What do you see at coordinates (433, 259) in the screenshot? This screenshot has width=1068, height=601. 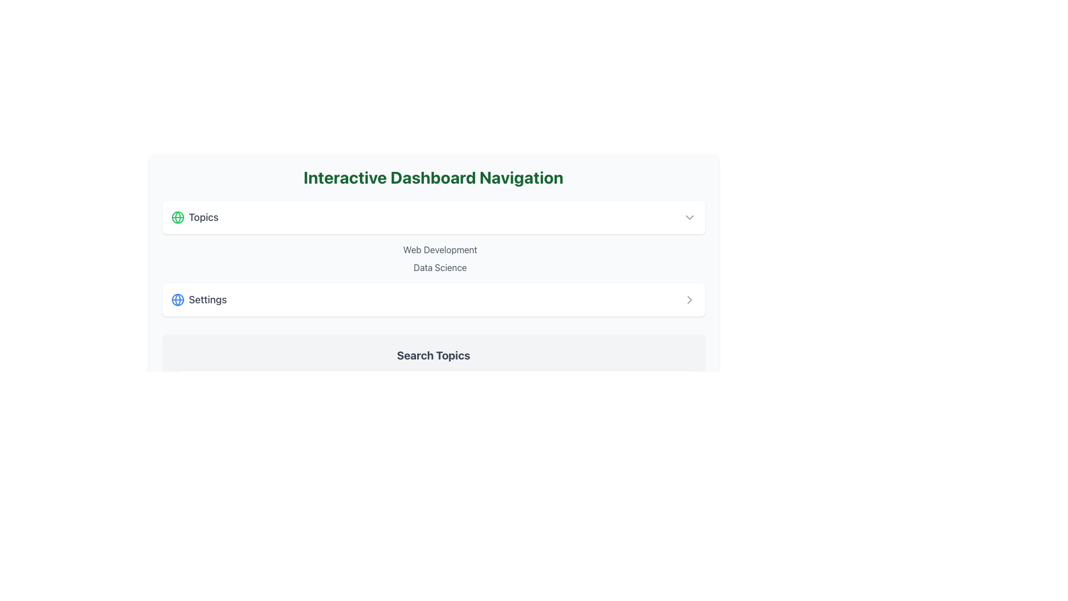 I see `the 'Data Science' topic in the Text Display Component located in the interactive navigation section, between the 'Topics' and 'Settings' buttons` at bounding box center [433, 259].